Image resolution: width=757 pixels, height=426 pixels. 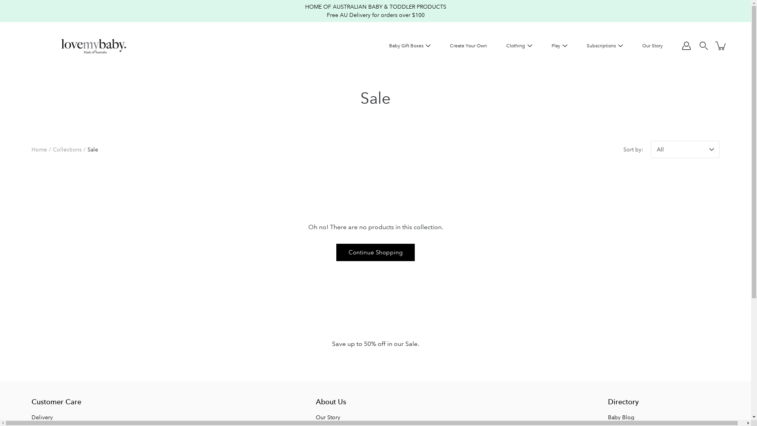 I want to click on 'Continue Shopping', so click(x=336, y=252).